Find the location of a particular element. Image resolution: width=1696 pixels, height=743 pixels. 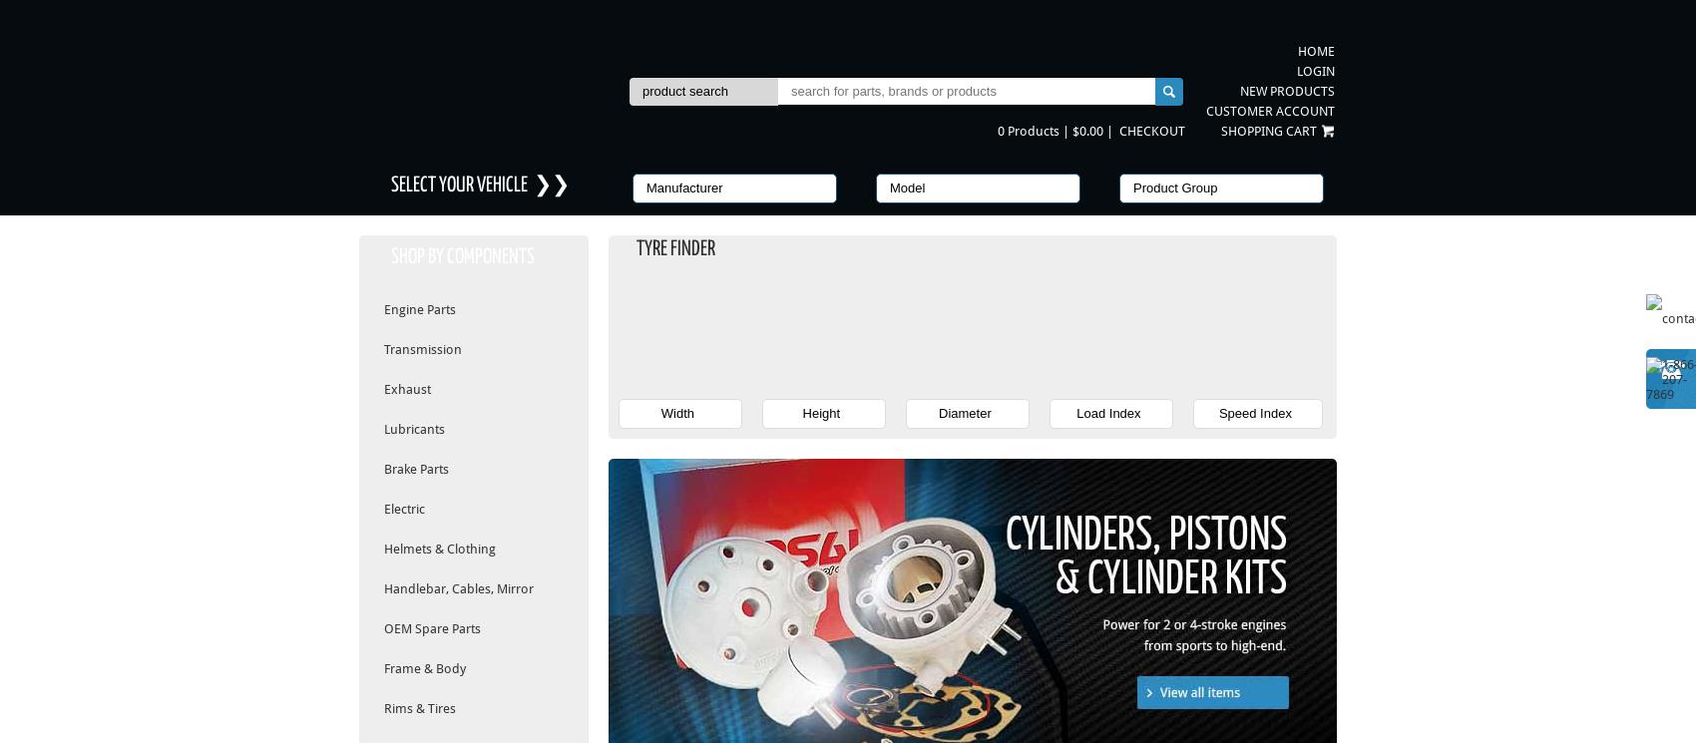

'Login' is located at coordinates (1316, 71).